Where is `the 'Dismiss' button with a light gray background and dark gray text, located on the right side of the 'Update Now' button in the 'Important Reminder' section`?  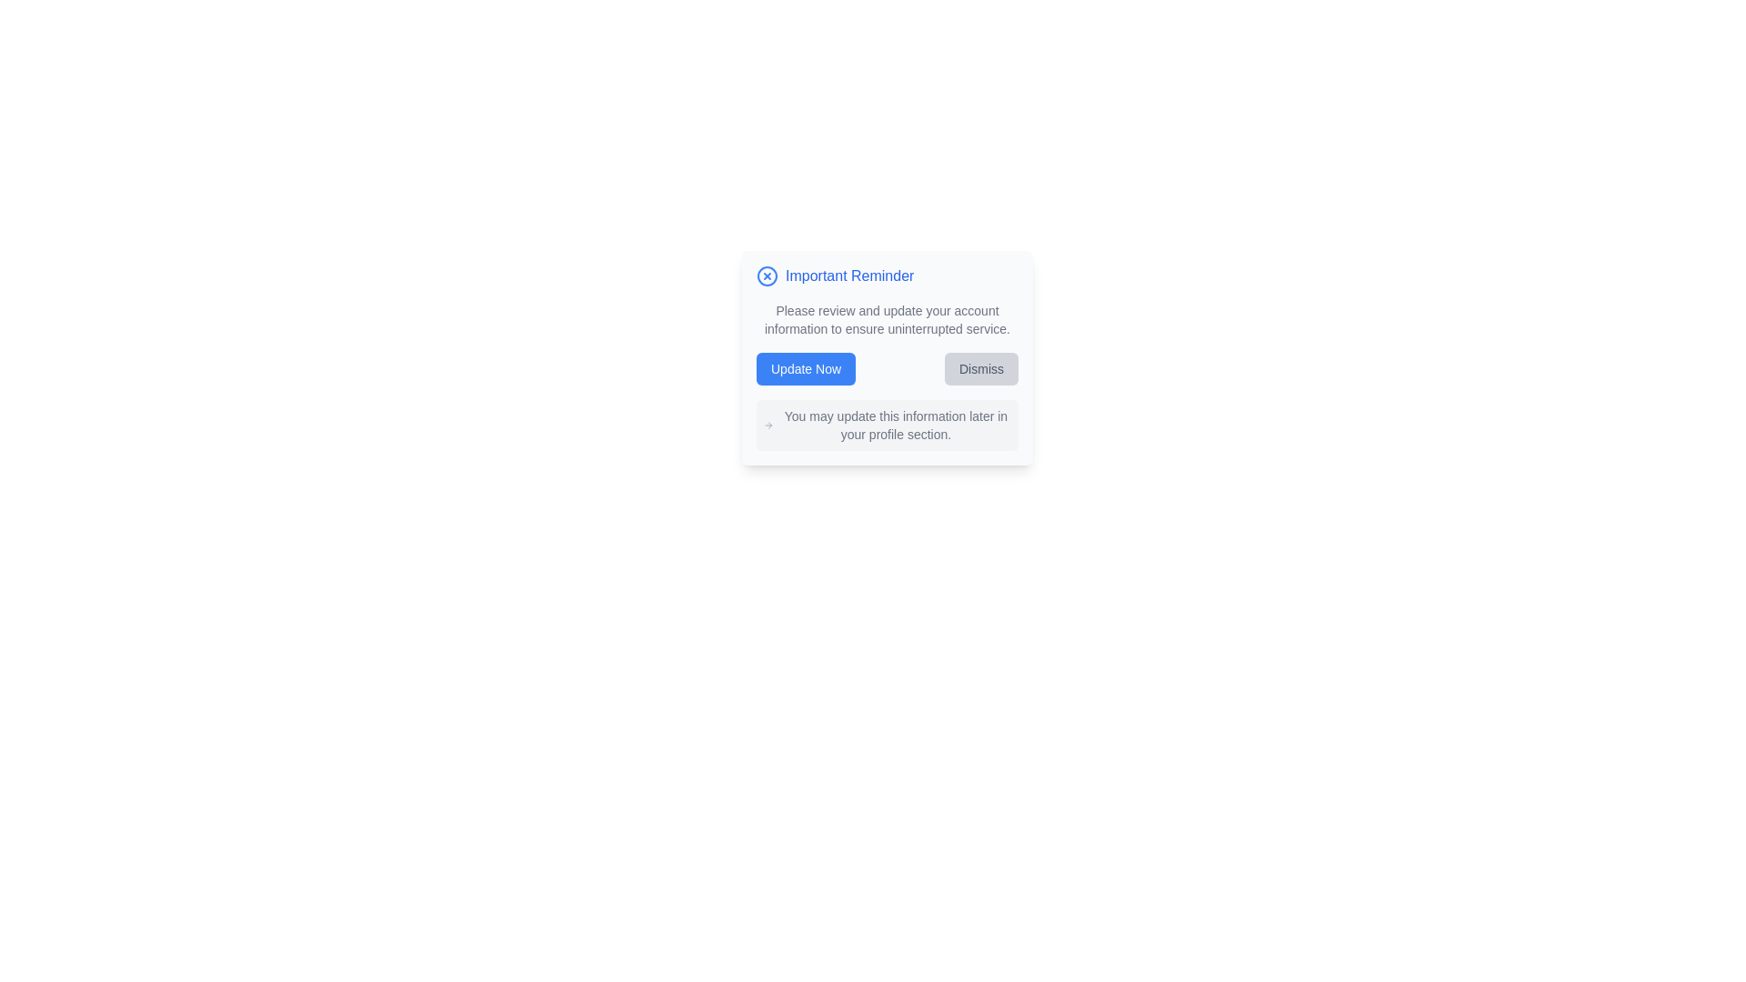 the 'Dismiss' button with a light gray background and dark gray text, located on the right side of the 'Update Now' button in the 'Important Reminder' section is located at coordinates (980, 368).